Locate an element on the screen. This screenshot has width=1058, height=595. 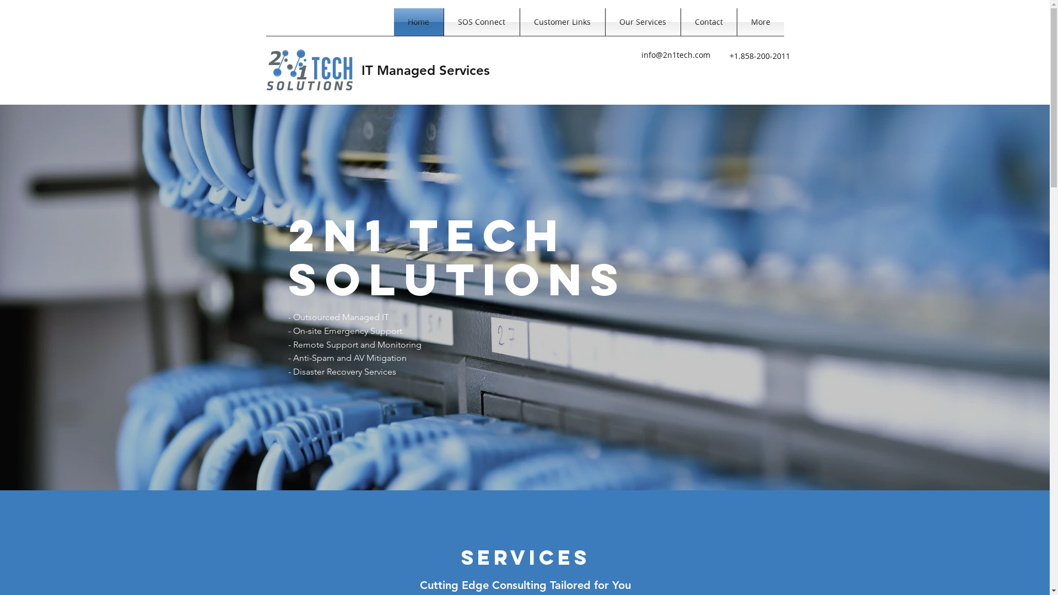
'info@2n1tech.com' is located at coordinates (675, 55).